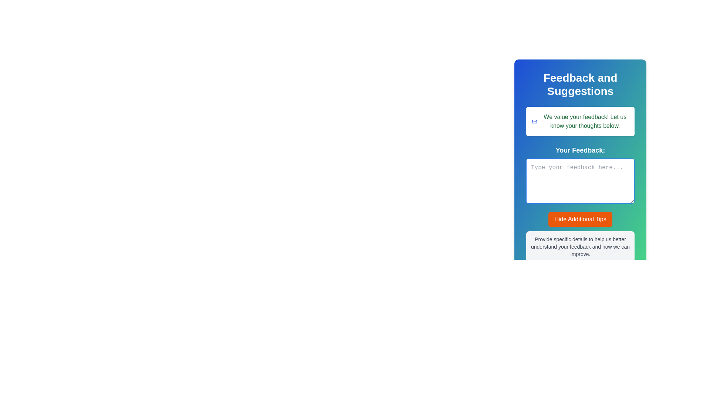  I want to click on the text label displaying 'Your Feedback:' which is styled with a bold font and is located below the section titled 'We value your feedback! Let us know your thoughts below.', so click(580, 150).